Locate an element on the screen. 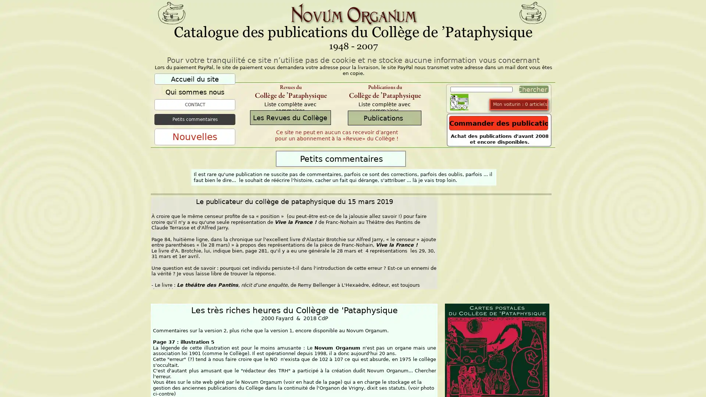  Petits commentaires is located at coordinates (195, 119).